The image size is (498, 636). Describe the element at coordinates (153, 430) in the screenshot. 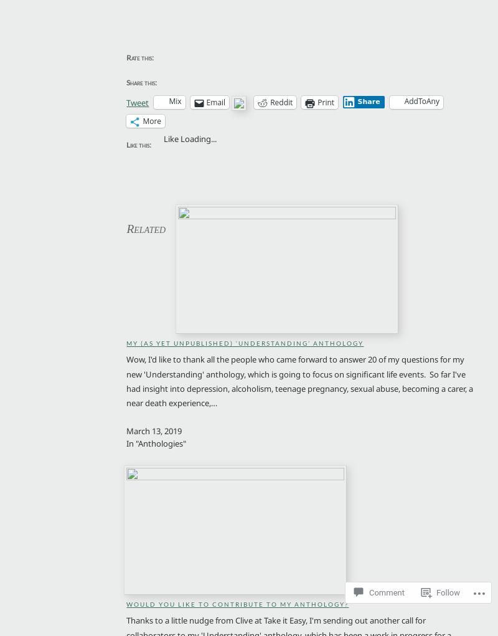

I see `'March 13, 2019'` at that location.